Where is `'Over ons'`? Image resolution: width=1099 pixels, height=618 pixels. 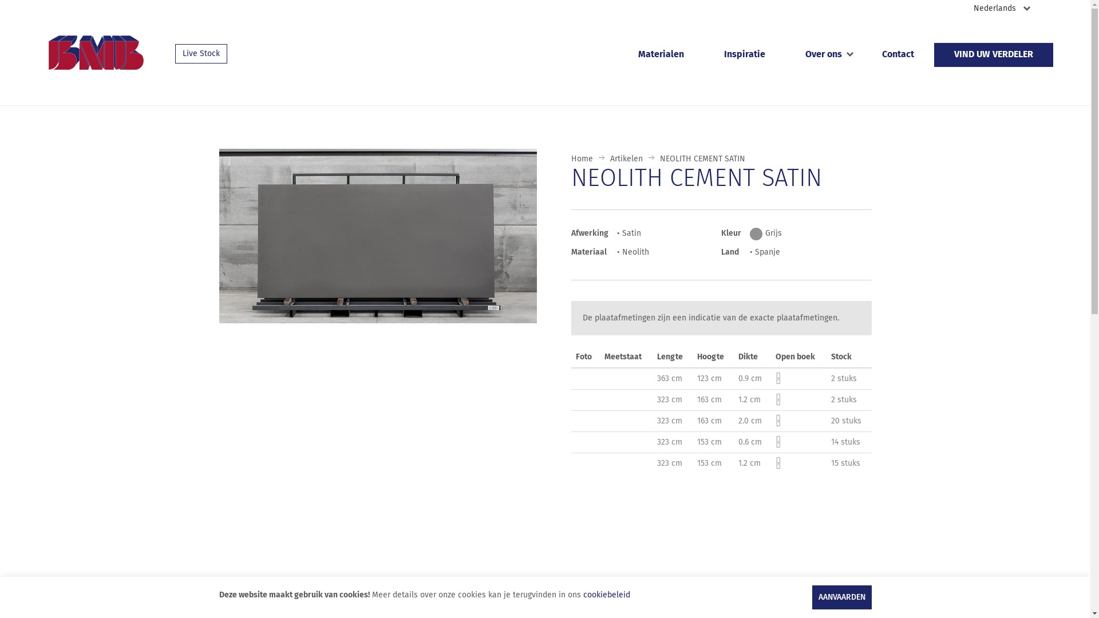
'Over ons' is located at coordinates (823, 55).